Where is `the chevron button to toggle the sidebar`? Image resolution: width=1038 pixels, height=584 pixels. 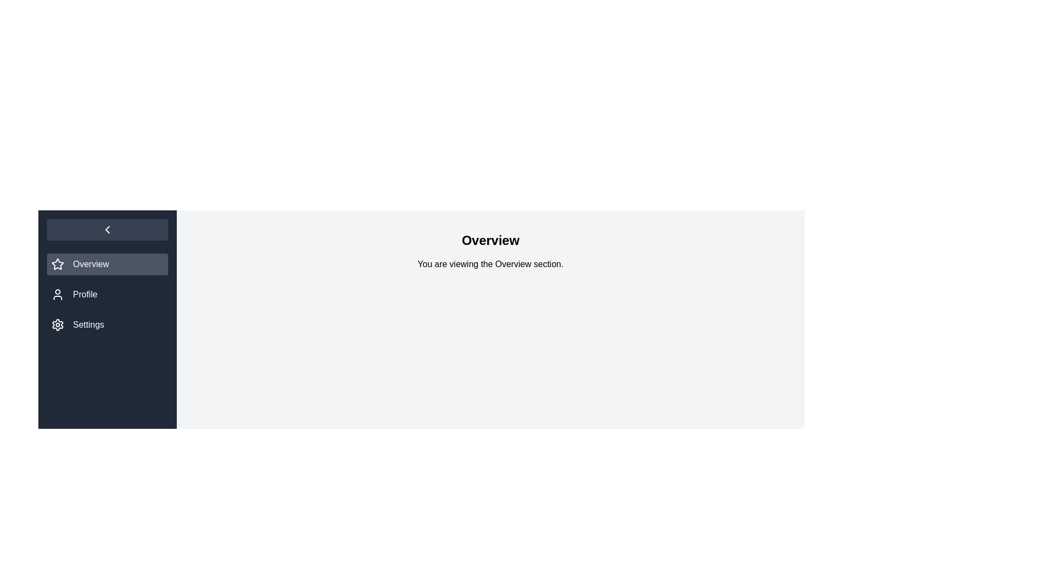 the chevron button to toggle the sidebar is located at coordinates (107, 229).